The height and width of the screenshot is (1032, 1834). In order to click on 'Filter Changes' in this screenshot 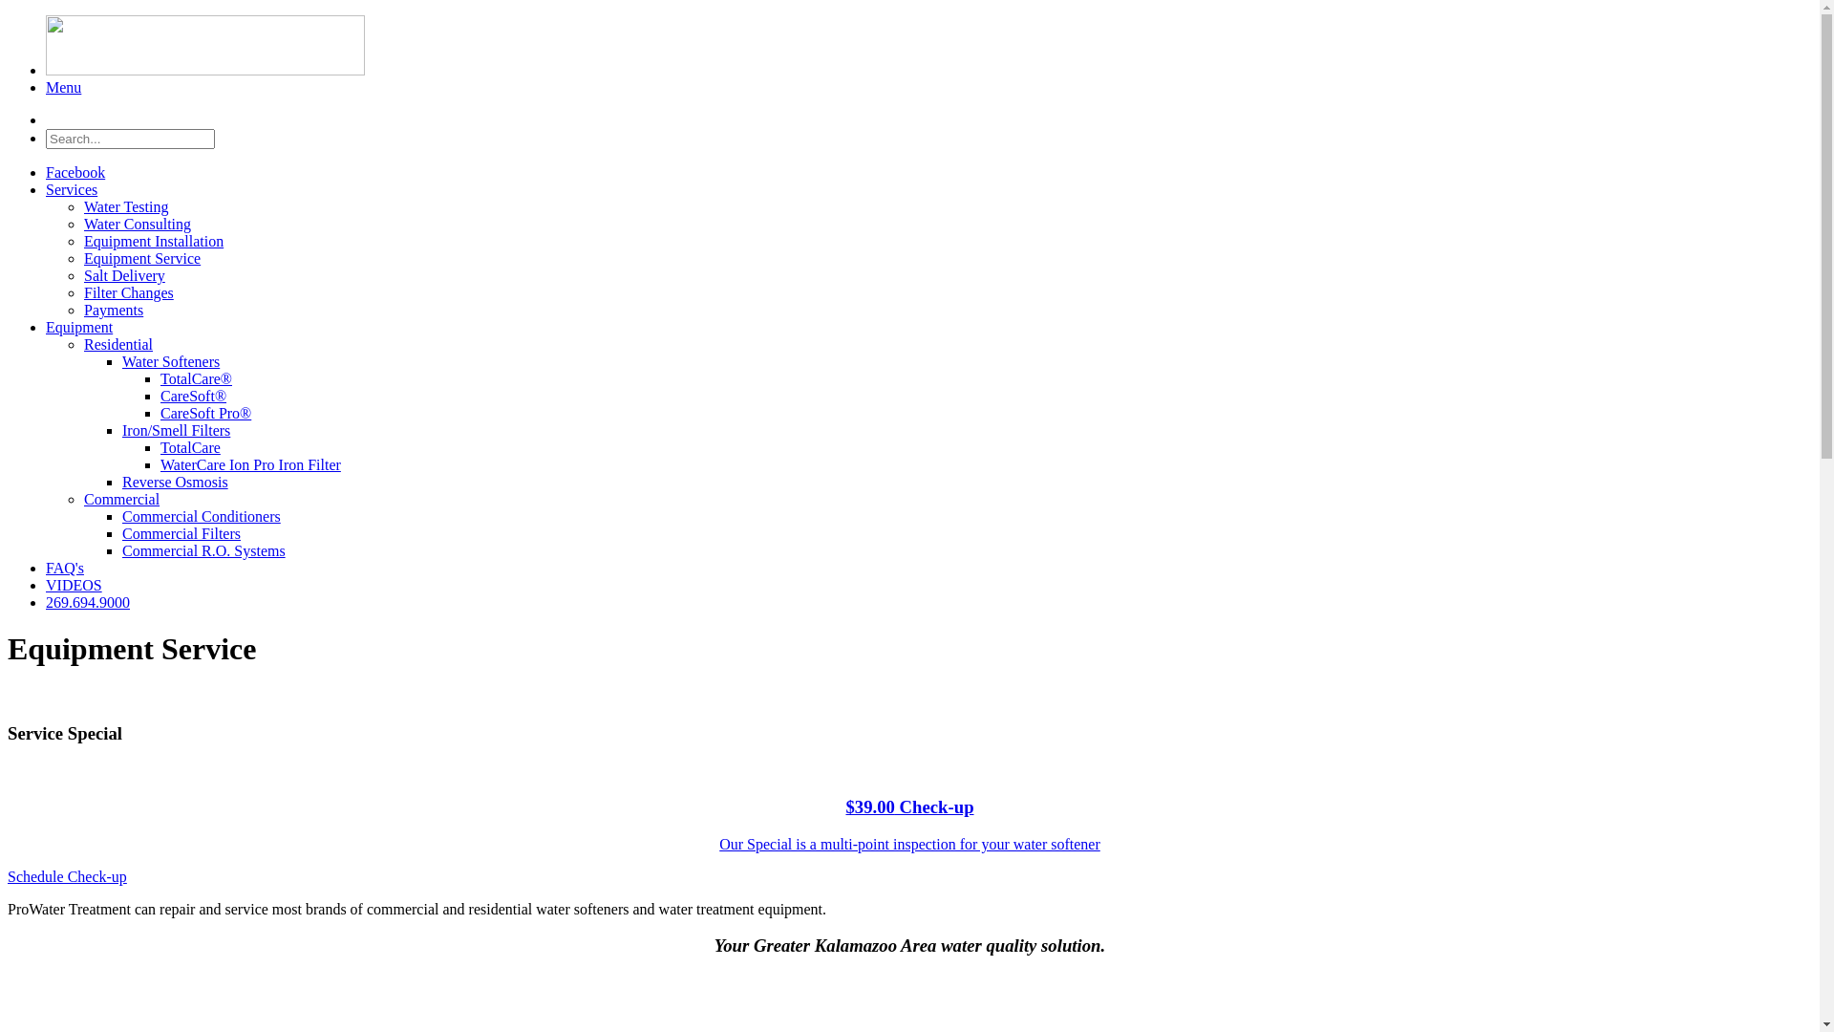, I will do `click(127, 292)`.